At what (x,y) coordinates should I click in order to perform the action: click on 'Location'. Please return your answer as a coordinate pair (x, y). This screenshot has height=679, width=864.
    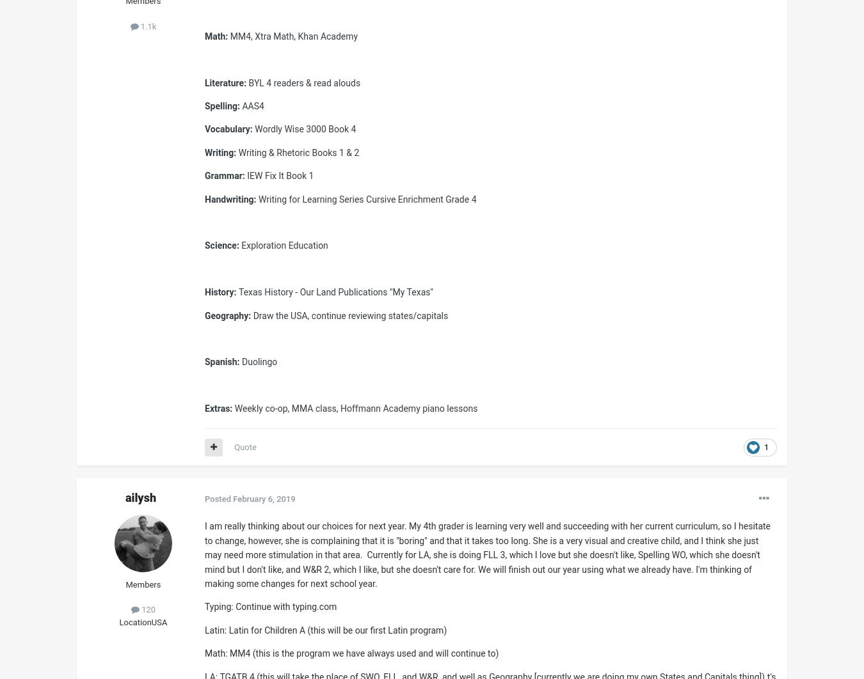
    Looking at the image, I should click on (135, 621).